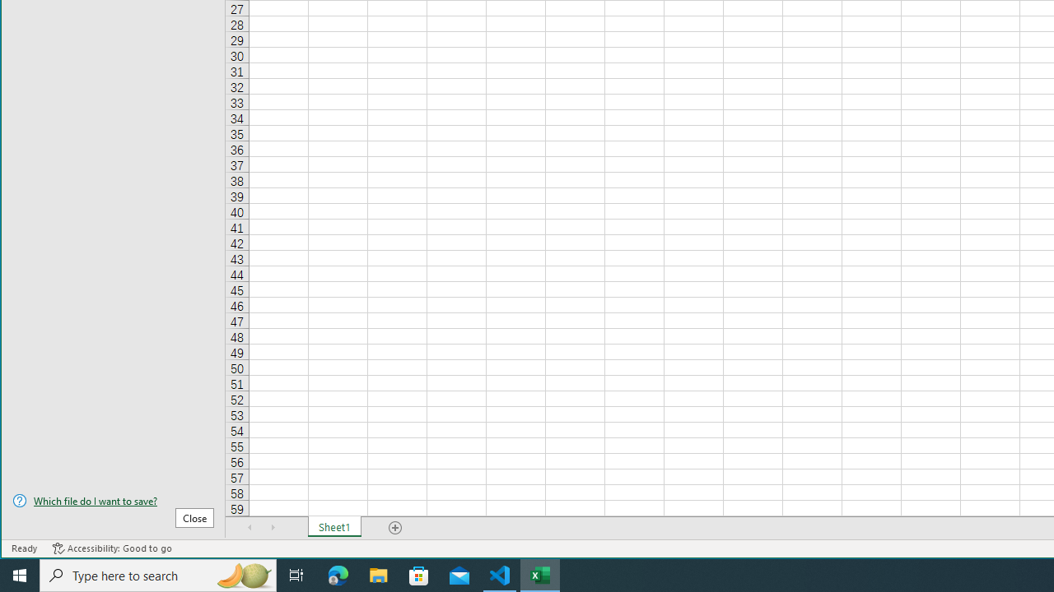 The image size is (1054, 592). I want to click on 'File Explorer', so click(378, 574).